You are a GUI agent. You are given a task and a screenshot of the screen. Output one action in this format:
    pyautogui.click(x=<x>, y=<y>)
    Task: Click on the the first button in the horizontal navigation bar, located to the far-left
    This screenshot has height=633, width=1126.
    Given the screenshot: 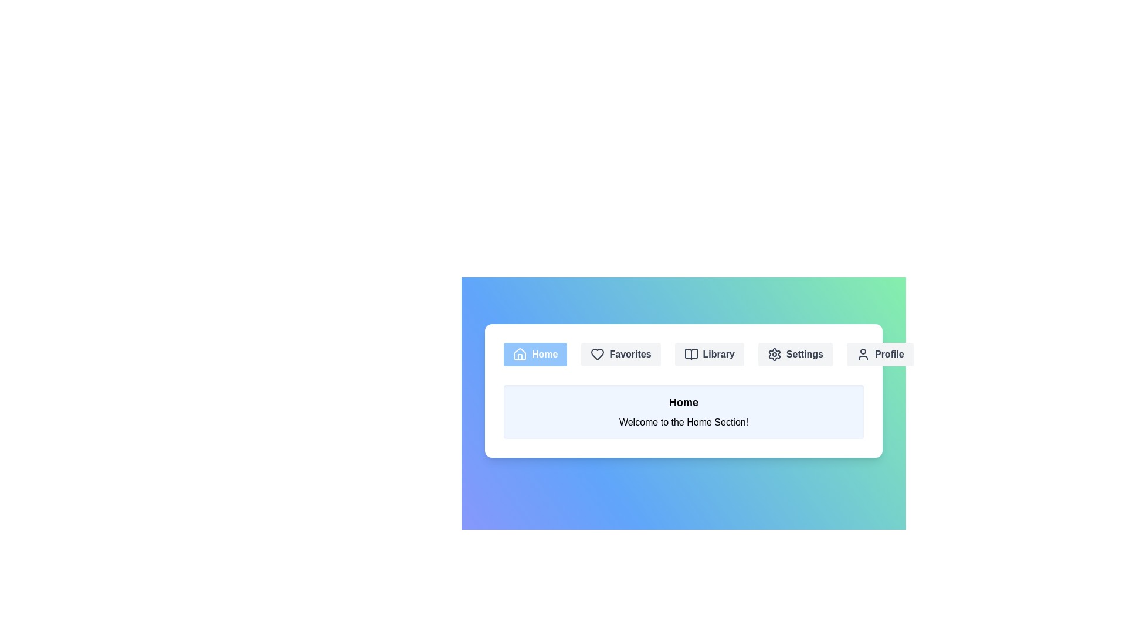 What is the action you would take?
    pyautogui.click(x=535, y=354)
    